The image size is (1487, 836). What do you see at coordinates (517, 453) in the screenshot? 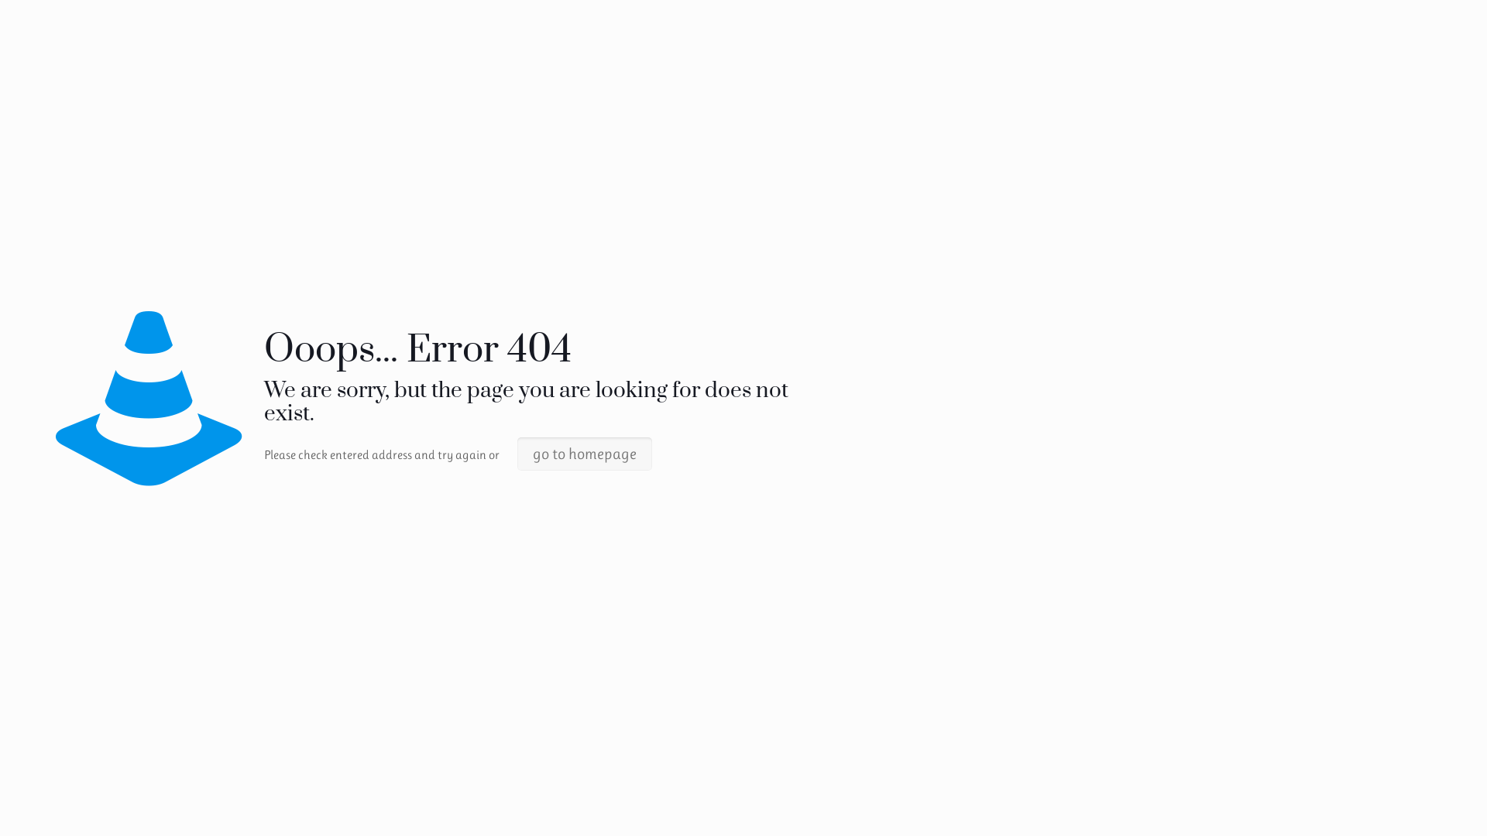
I see `'go to homepage'` at bounding box center [517, 453].